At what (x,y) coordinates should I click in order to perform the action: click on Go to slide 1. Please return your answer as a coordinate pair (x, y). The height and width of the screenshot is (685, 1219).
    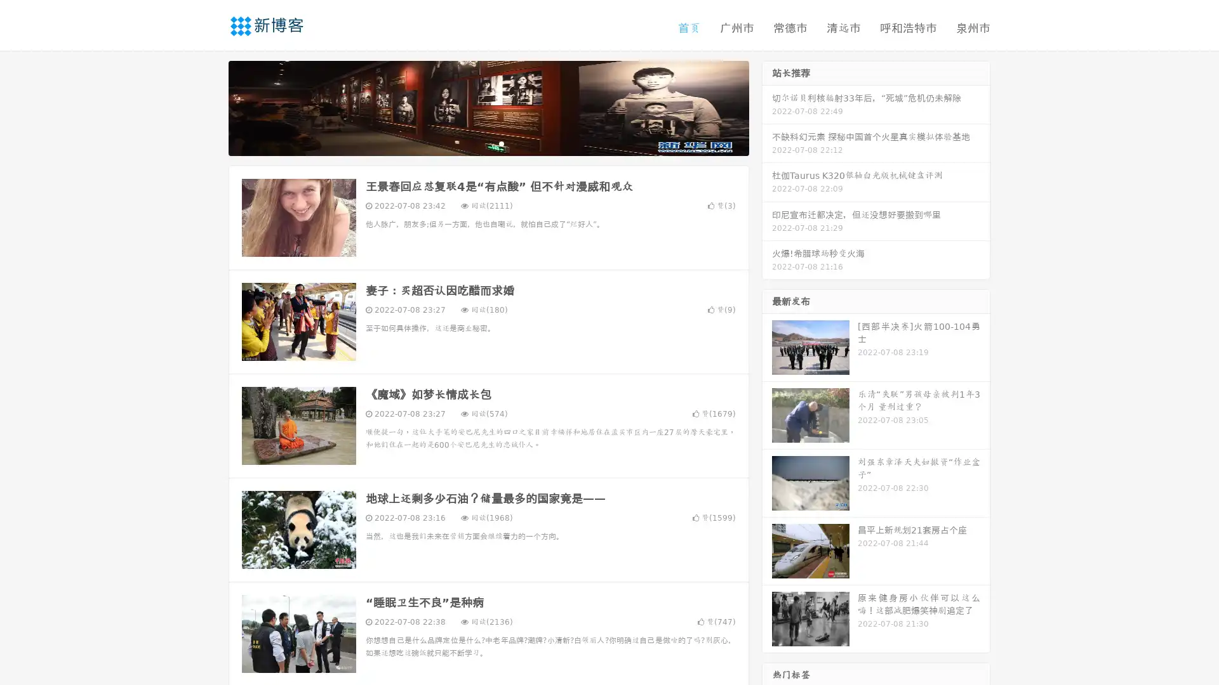
    Looking at the image, I should click on (475, 143).